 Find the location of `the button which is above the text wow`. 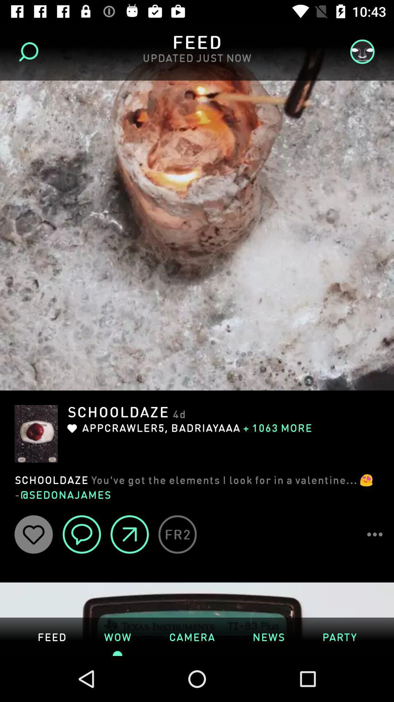

the button which is above the text wow is located at coordinates (129, 534).